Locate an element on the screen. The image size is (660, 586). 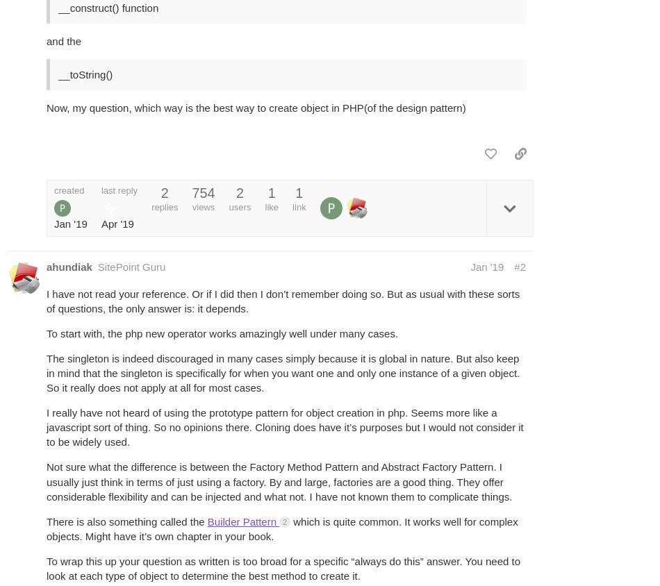
'and the' is located at coordinates (46, 40).